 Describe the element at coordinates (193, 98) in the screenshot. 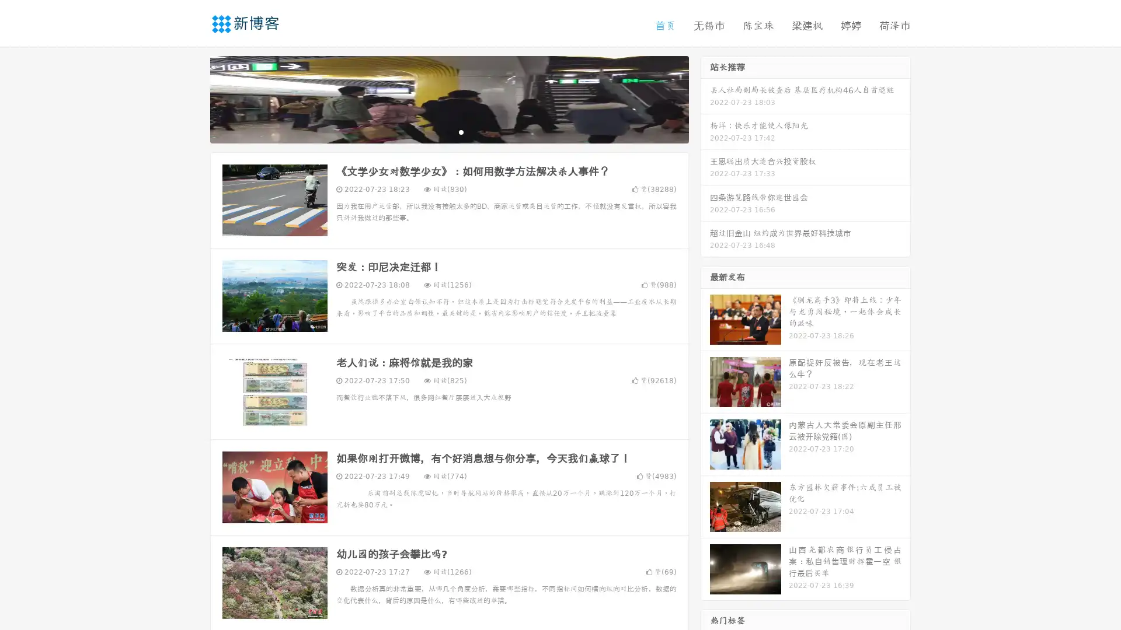

I see `Previous slide` at that location.